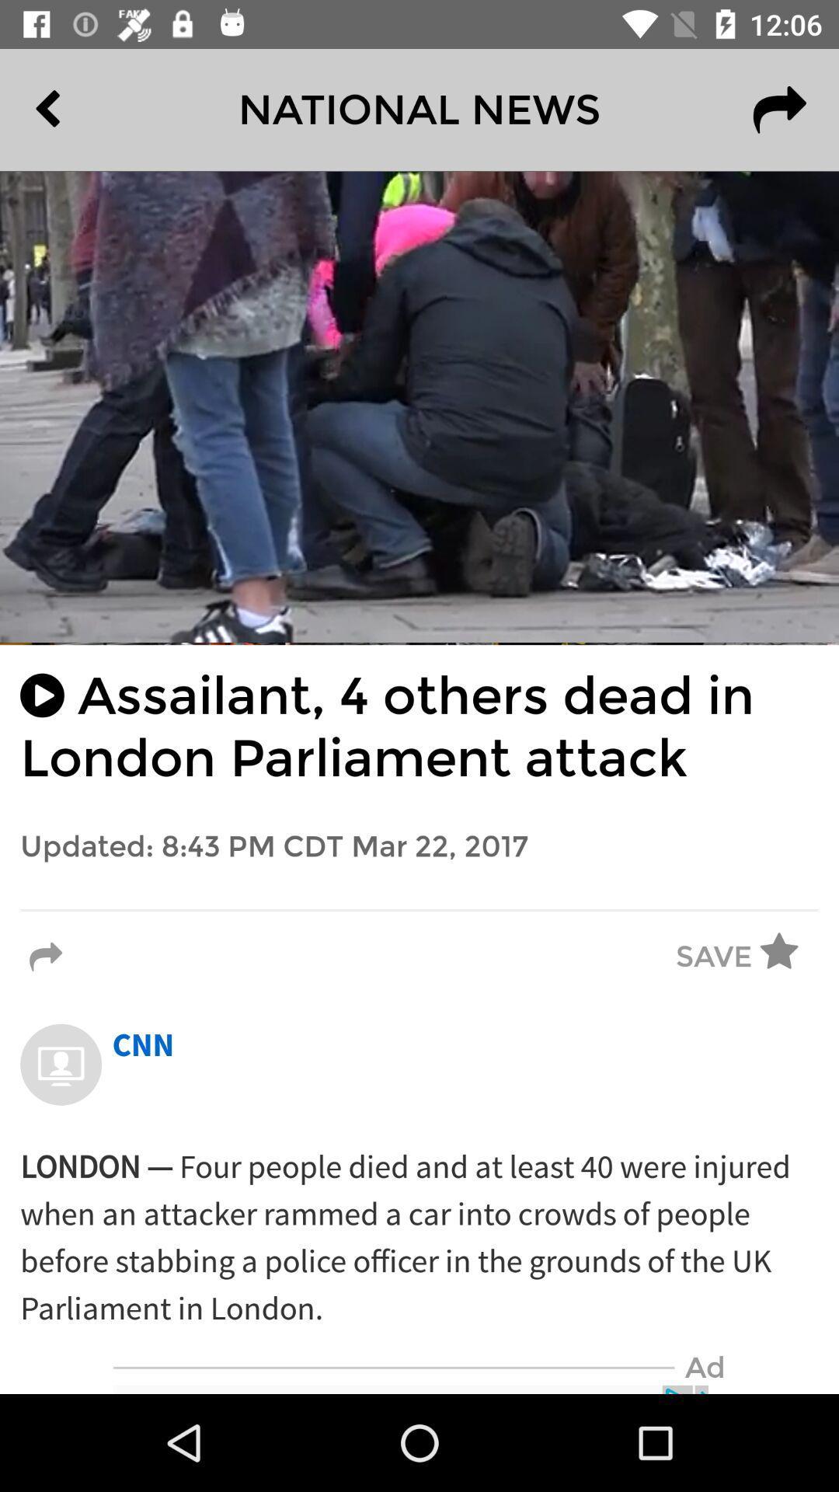  What do you see at coordinates (779, 109) in the screenshot?
I see `the redo icon` at bounding box center [779, 109].